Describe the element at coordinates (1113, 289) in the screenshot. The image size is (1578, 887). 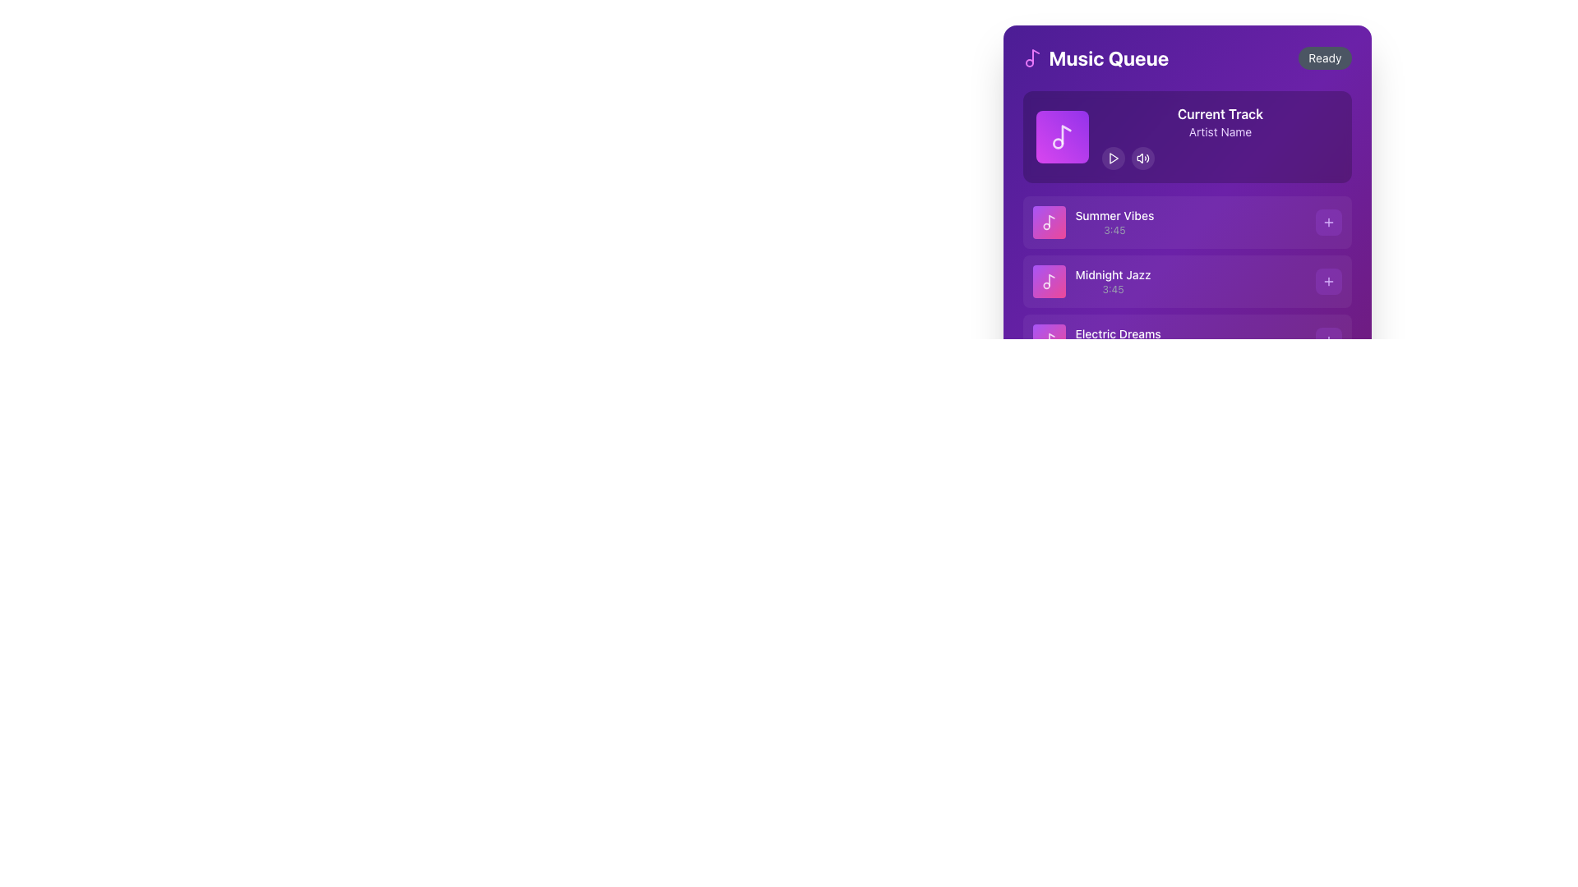
I see `the Text Label displaying '3:45' in gray font against a purple background, located beneath the 'Midnight Jazz' title in the 'Music Queue' section` at that location.